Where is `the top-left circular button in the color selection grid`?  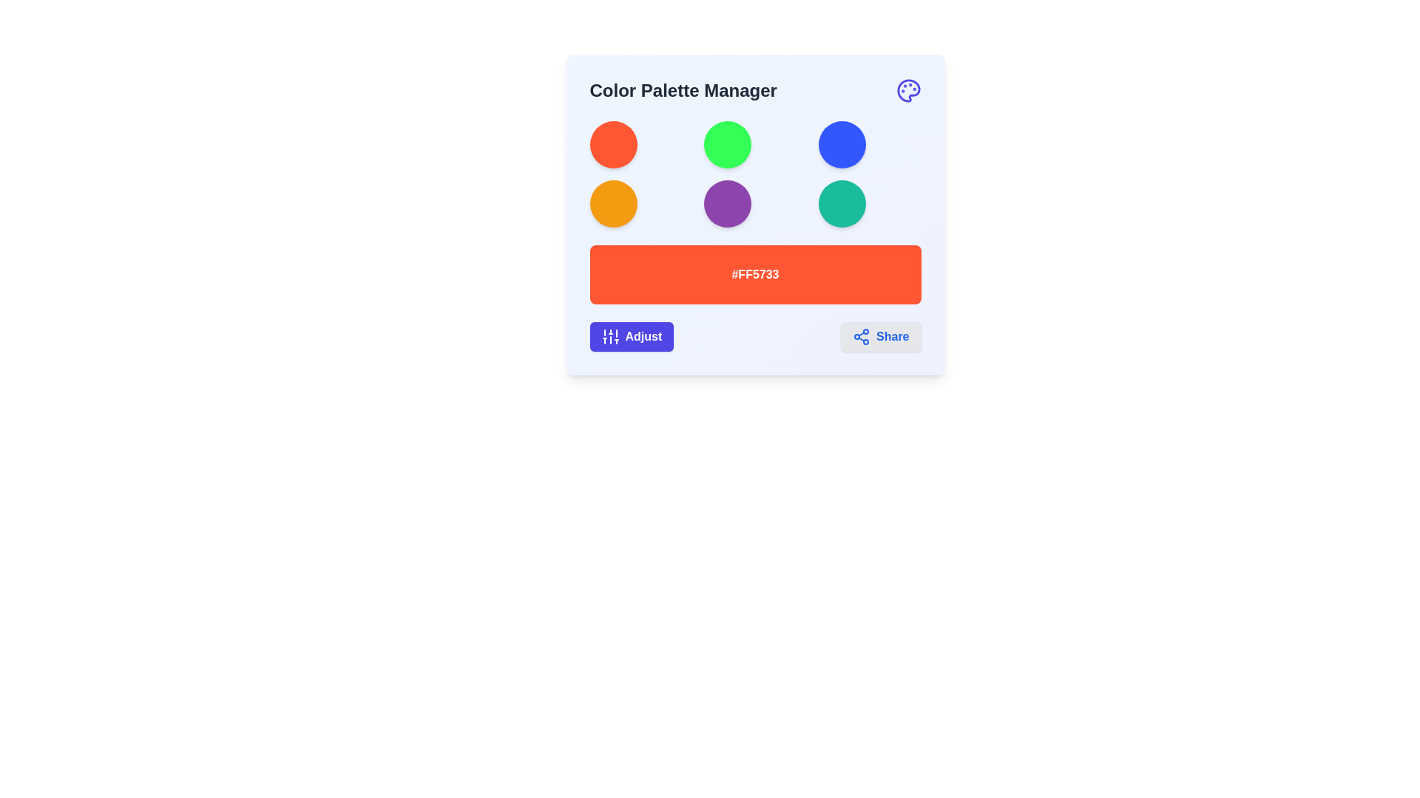
the top-left circular button in the color selection grid is located at coordinates (613, 145).